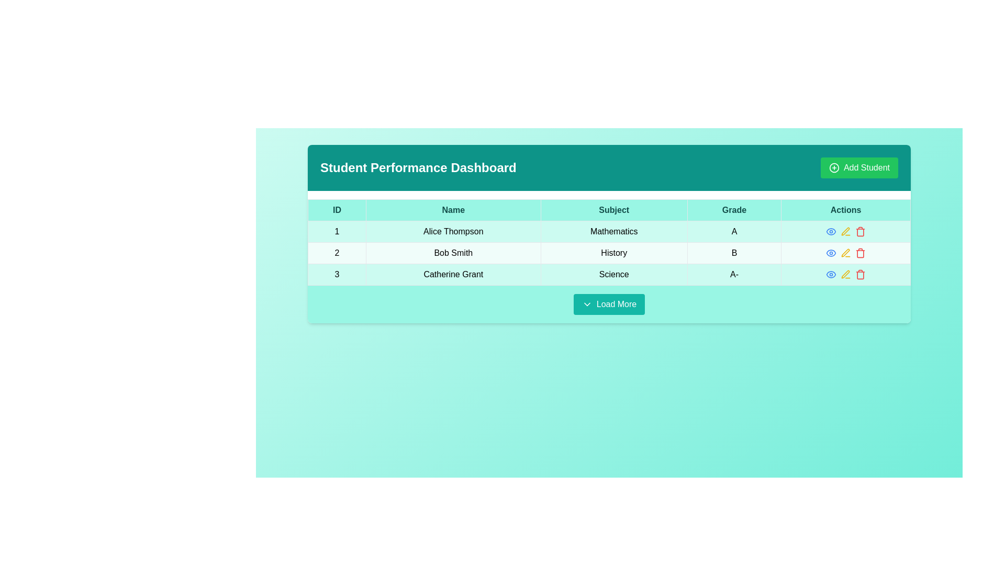 This screenshot has width=1005, height=565. What do you see at coordinates (845, 253) in the screenshot?
I see `the edit icon, resembling a pen or pencil, located in the 'Actions' column of the second row in the table to initiate an edit action` at bounding box center [845, 253].